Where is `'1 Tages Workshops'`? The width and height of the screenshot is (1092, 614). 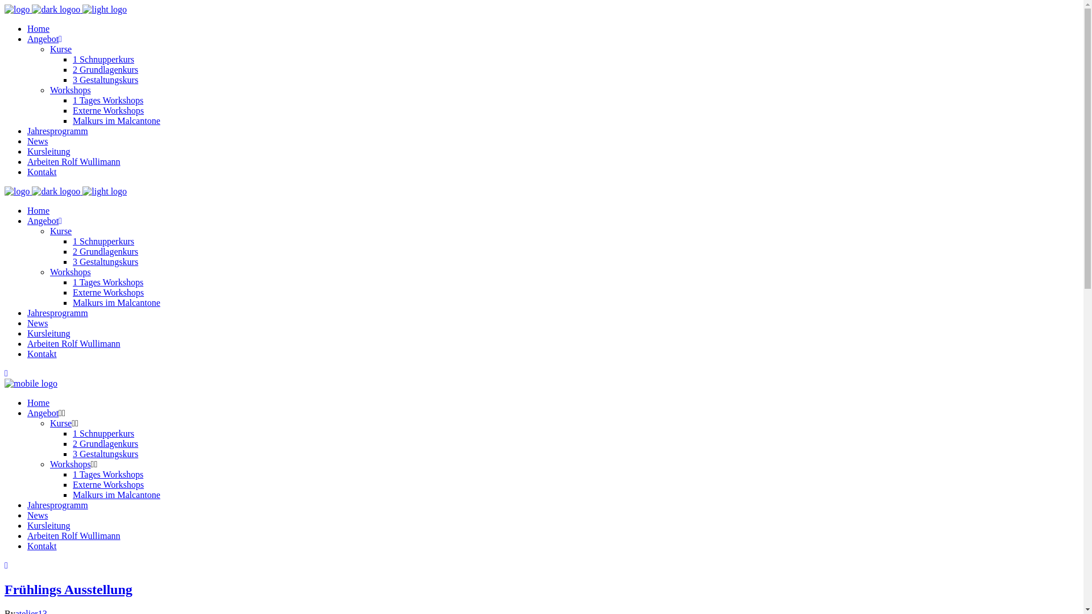 '1 Tages Workshops' is located at coordinates (108, 99).